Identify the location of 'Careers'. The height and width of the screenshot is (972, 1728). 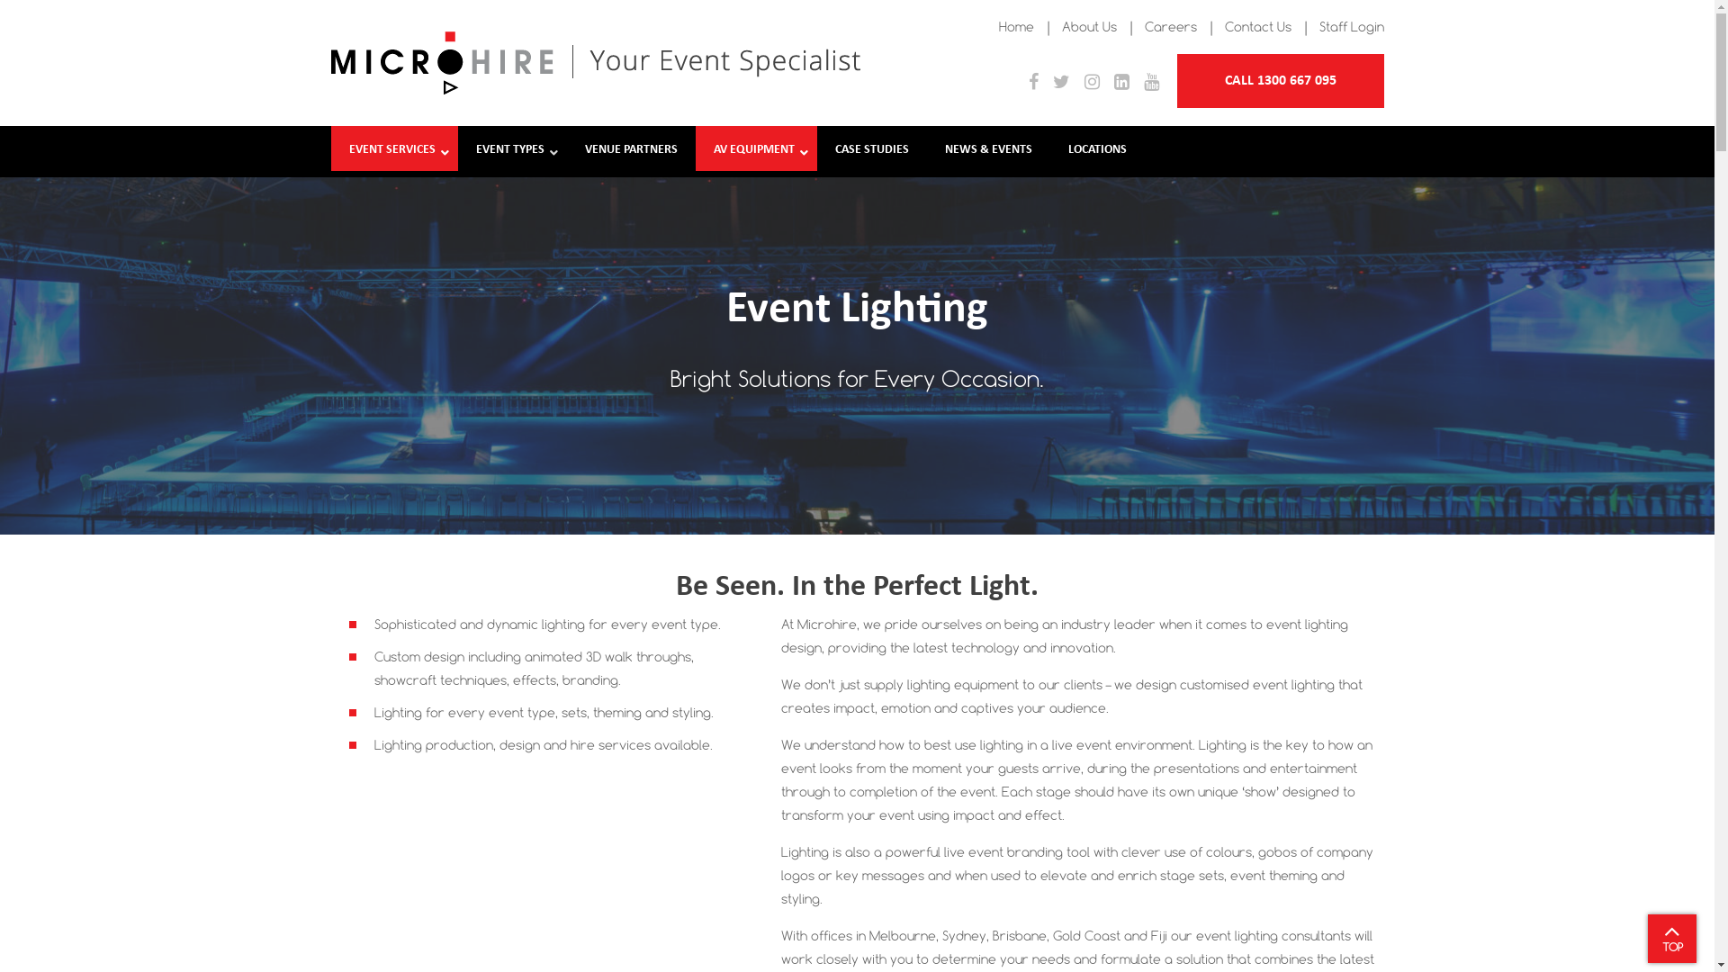
(1170, 26).